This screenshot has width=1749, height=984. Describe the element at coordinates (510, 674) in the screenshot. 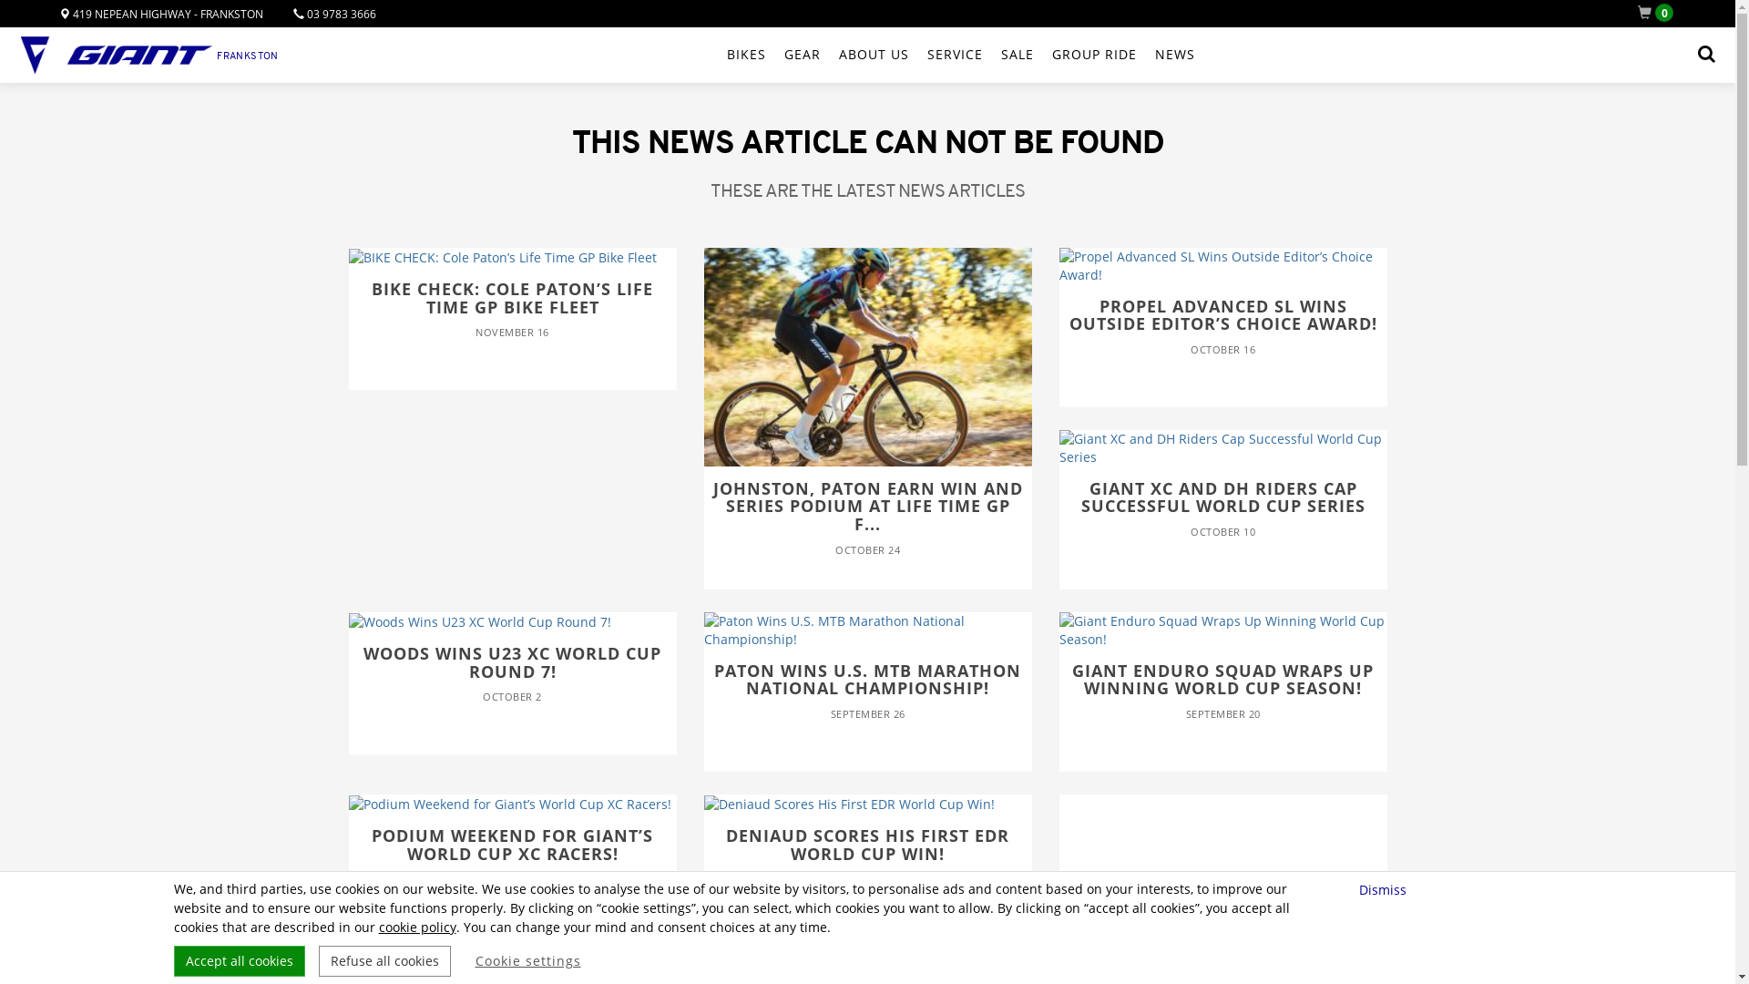

I see `'WOODS WINS U23 XC WORLD CUP ROUND 7!` at that location.